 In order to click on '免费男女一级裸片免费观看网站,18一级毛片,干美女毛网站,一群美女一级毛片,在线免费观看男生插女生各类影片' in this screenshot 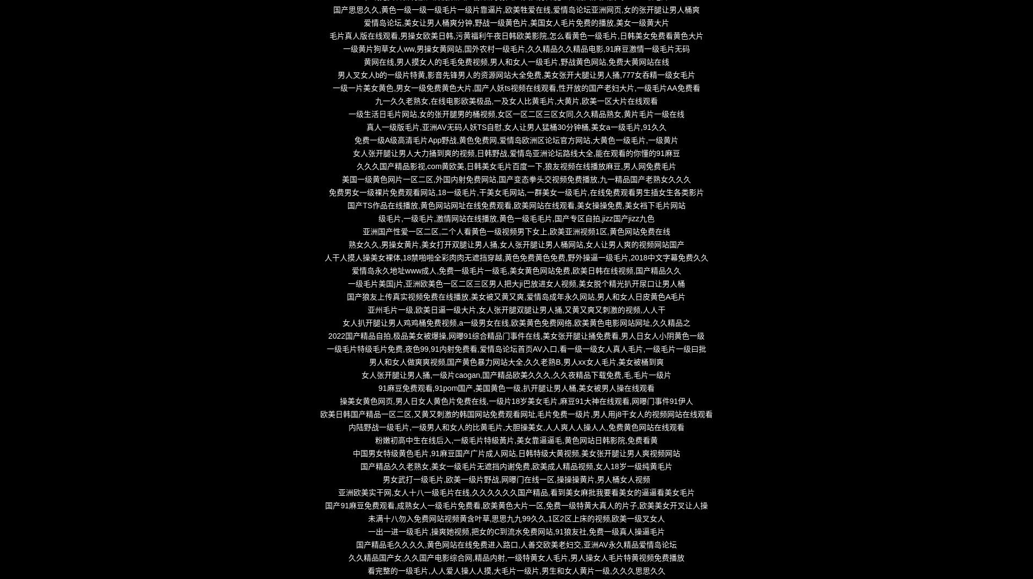, I will do `click(515, 192)`.